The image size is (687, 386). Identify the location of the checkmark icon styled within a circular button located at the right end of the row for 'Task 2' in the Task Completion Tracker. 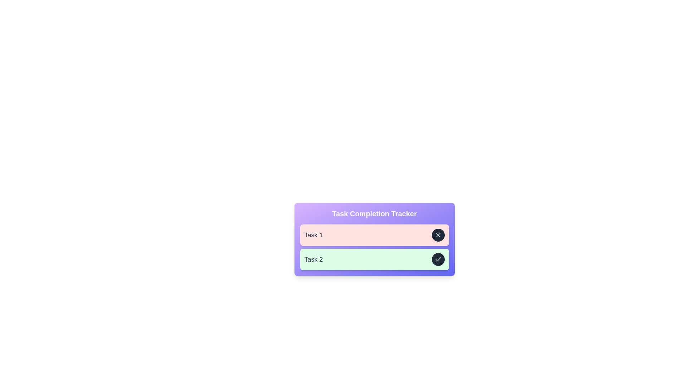
(438, 259).